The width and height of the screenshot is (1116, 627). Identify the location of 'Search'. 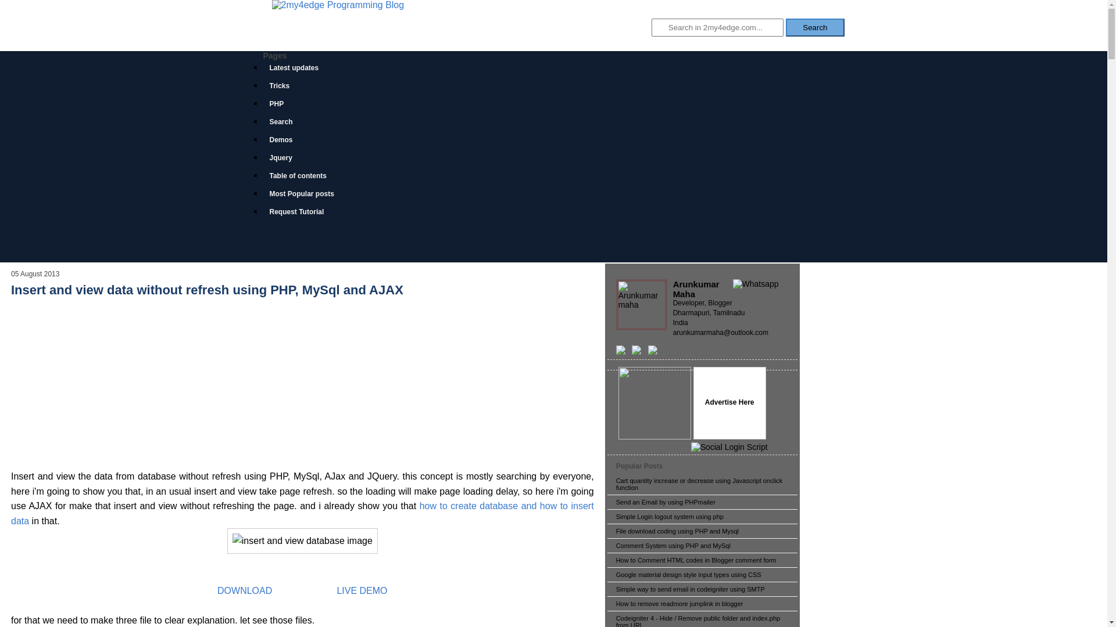
(814, 27).